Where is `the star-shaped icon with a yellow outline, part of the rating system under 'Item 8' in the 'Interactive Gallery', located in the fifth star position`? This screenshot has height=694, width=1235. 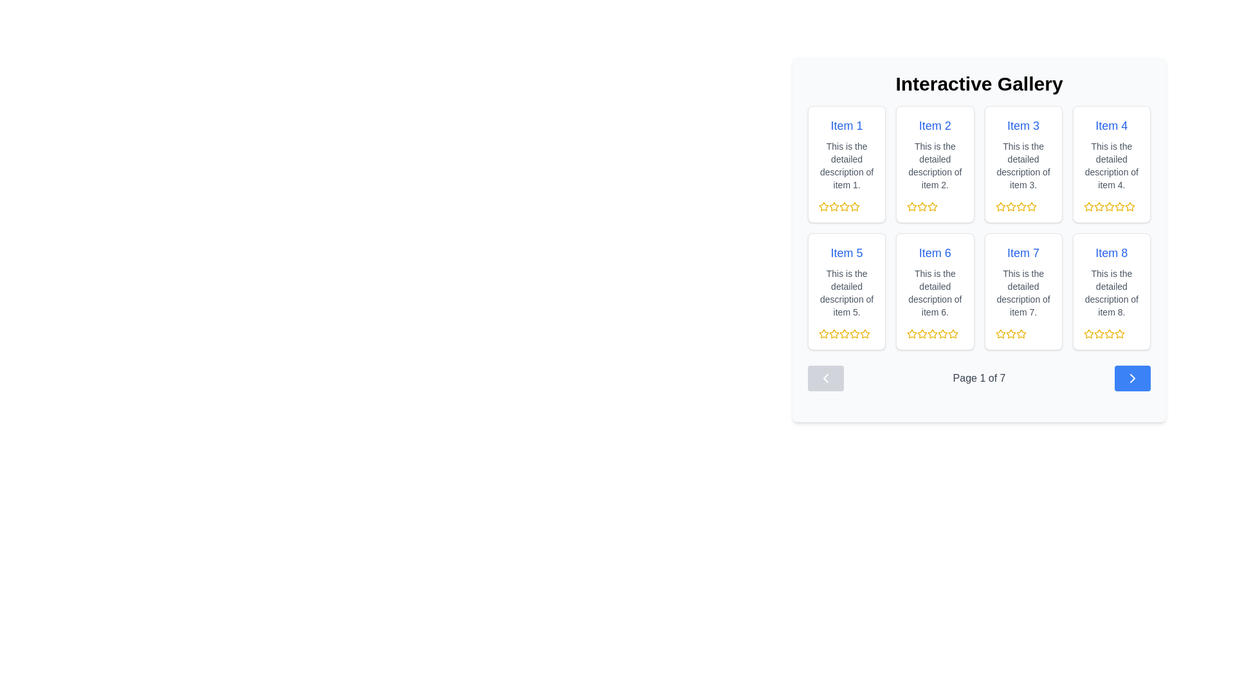 the star-shaped icon with a yellow outline, part of the rating system under 'Item 8' in the 'Interactive Gallery', located in the fifth star position is located at coordinates (1108, 333).